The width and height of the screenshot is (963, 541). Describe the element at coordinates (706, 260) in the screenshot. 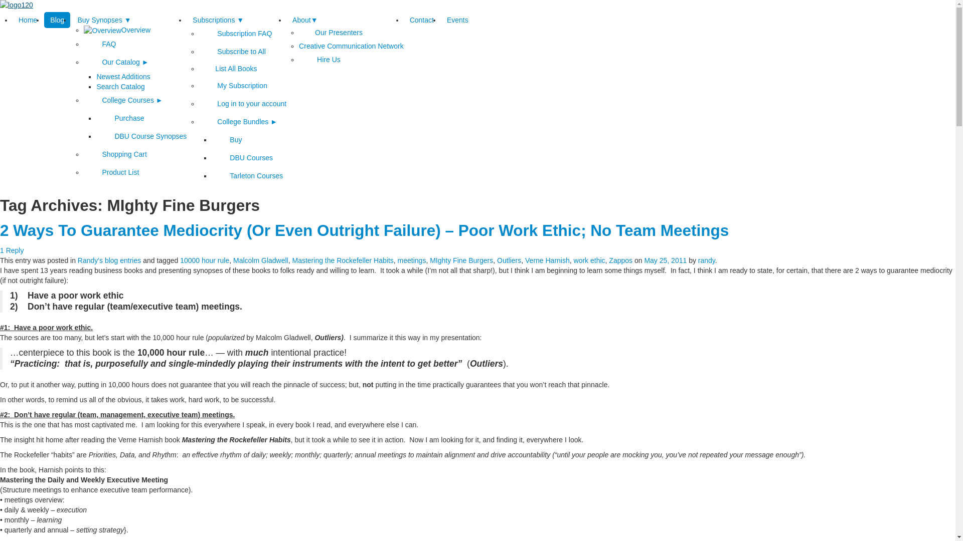

I see `'randy'` at that location.